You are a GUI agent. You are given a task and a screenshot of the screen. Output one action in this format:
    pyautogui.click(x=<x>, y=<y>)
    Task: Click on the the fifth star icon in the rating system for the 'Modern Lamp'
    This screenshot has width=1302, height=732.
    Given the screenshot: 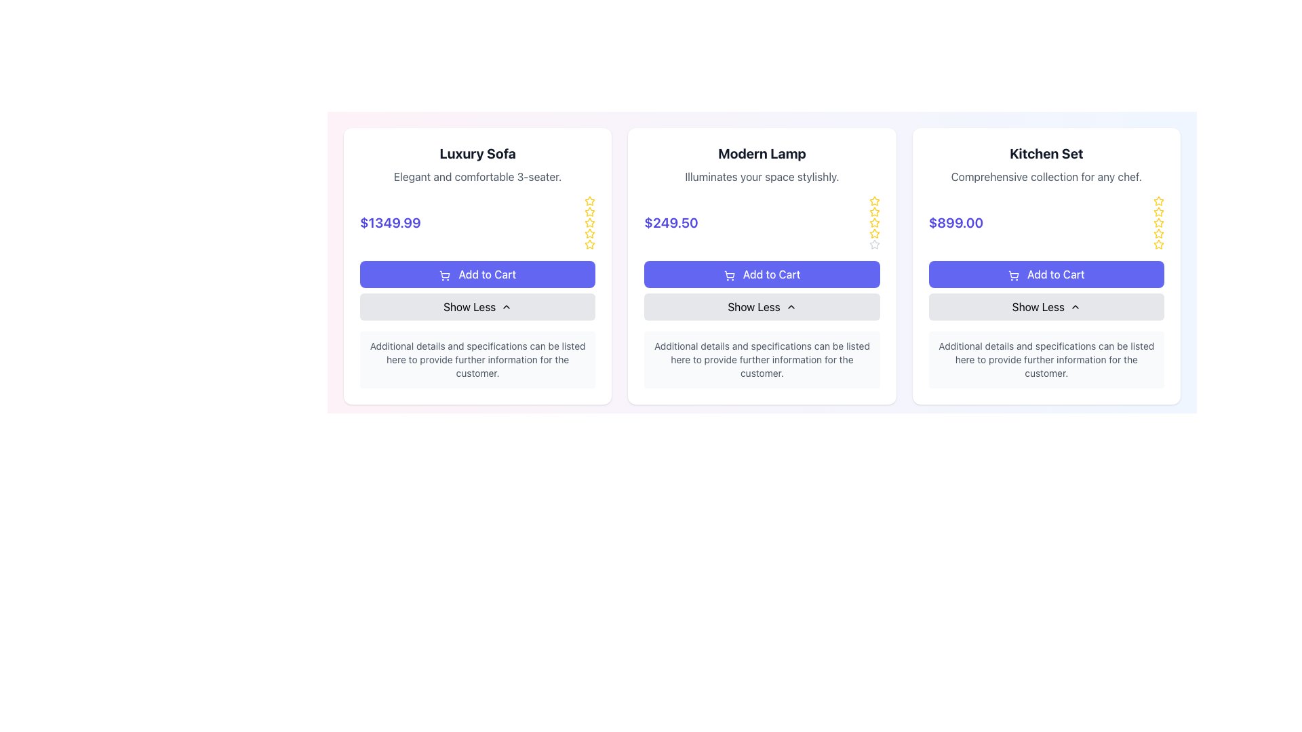 What is the action you would take?
    pyautogui.click(x=874, y=201)
    